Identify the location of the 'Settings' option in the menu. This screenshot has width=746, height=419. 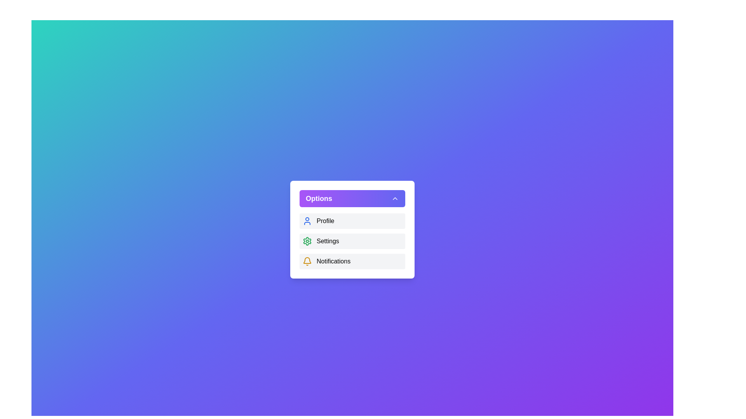
(352, 241).